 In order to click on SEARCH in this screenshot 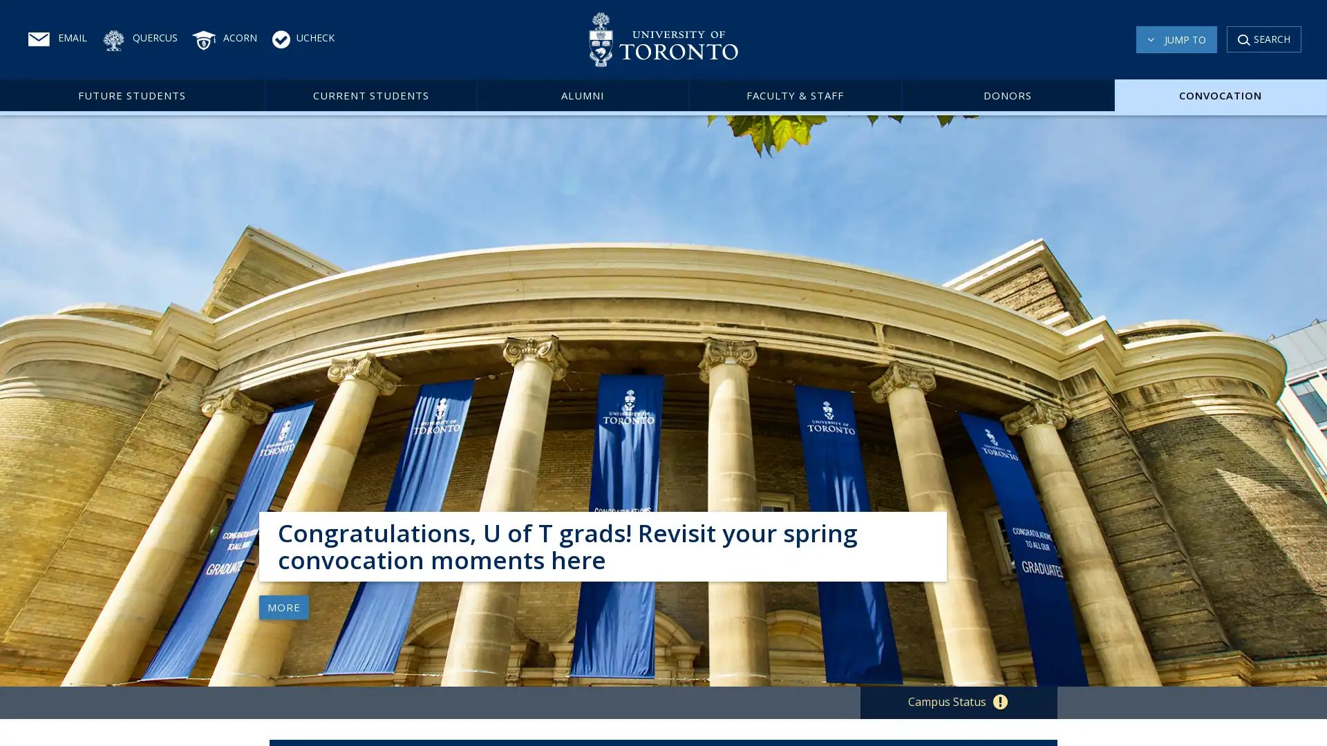, I will do `click(1263, 38)`.